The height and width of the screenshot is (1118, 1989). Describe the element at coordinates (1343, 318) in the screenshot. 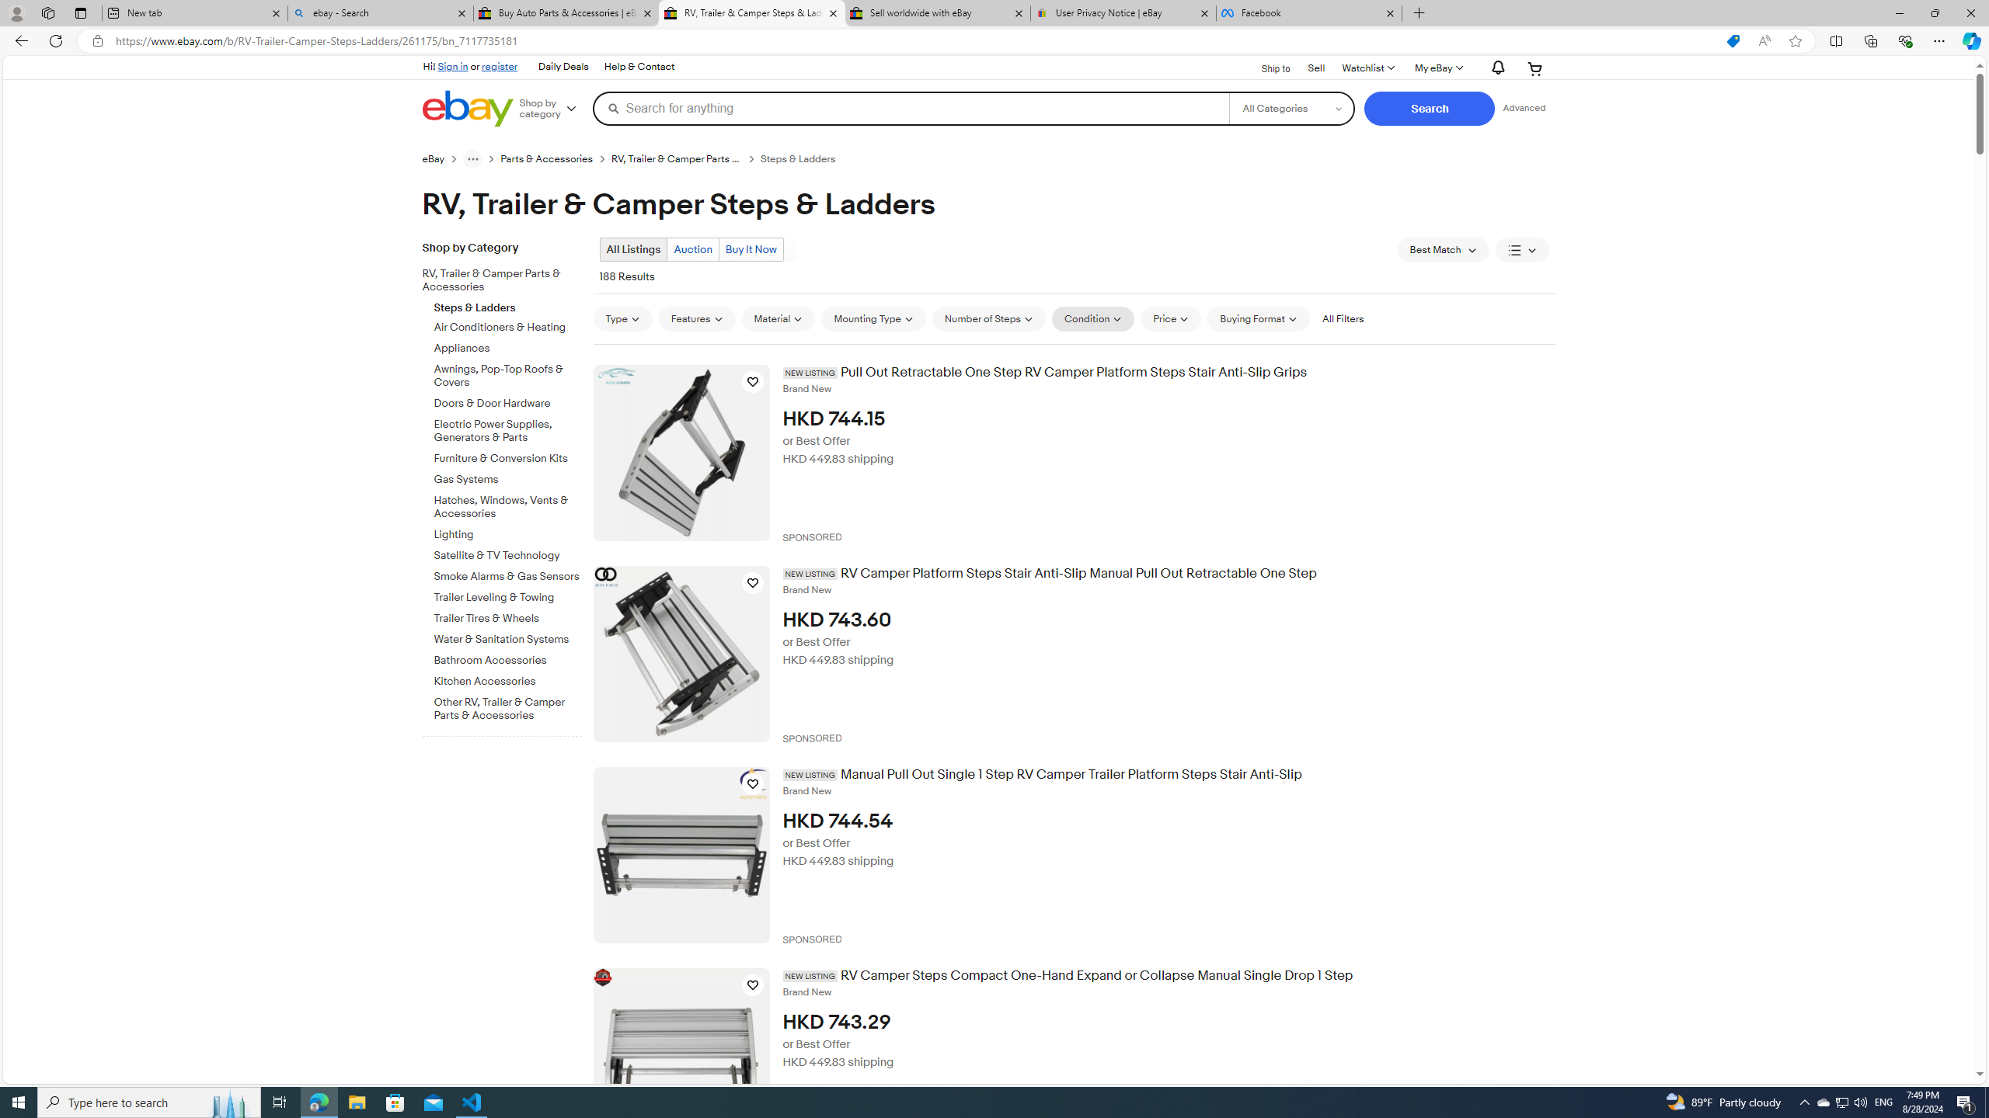

I see `'All Filters'` at that location.